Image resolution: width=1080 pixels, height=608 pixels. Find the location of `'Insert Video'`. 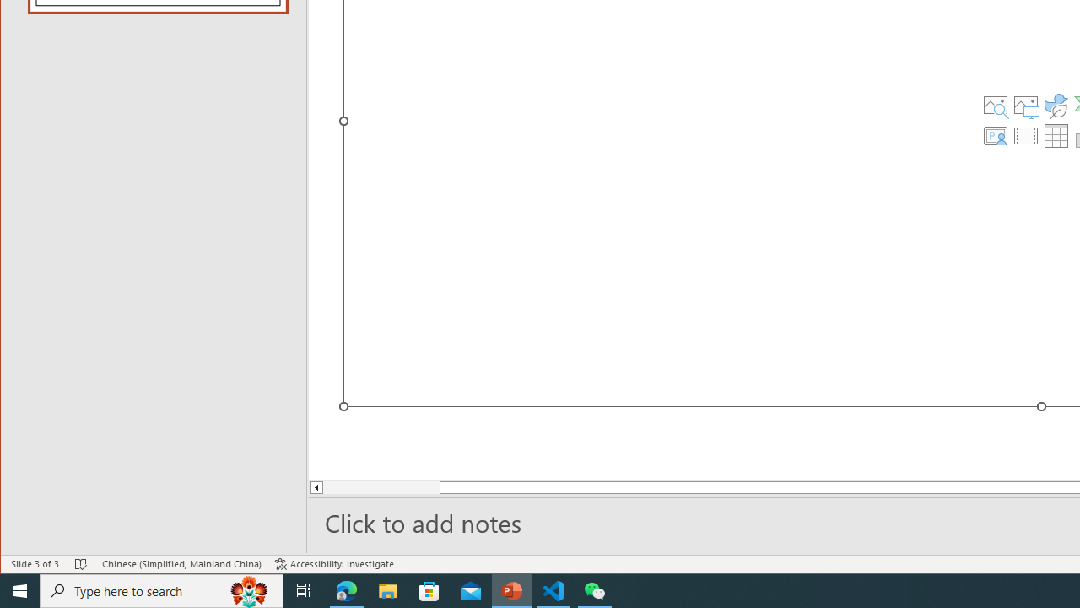

'Insert Video' is located at coordinates (1025, 134).